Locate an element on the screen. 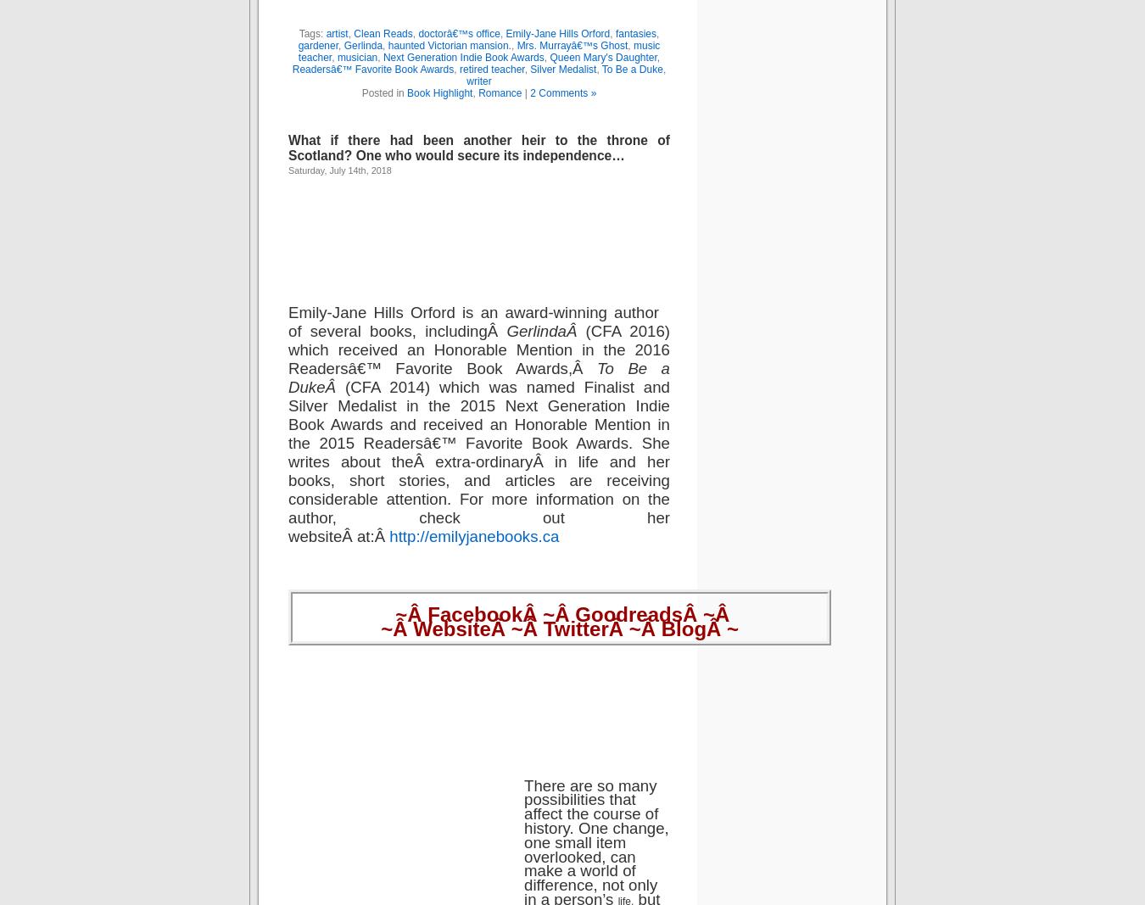 Image resolution: width=1145 pixels, height=905 pixels. 'Book Highlight' is located at coordinates (438, 92).